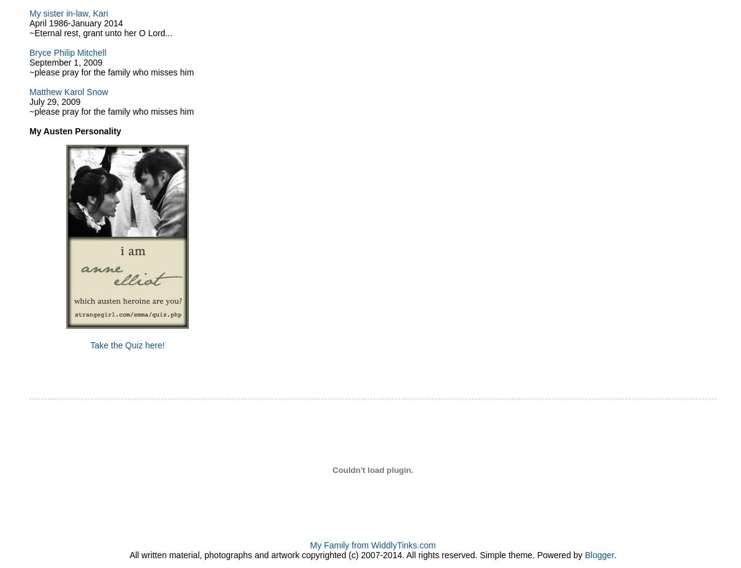 Image resolution: width=741 pixels, height=568 pixels. What do you see at coordinates (54, 101) in the screenshot?
I see `'July 29, 2009'` at bounding box center [54, 101].